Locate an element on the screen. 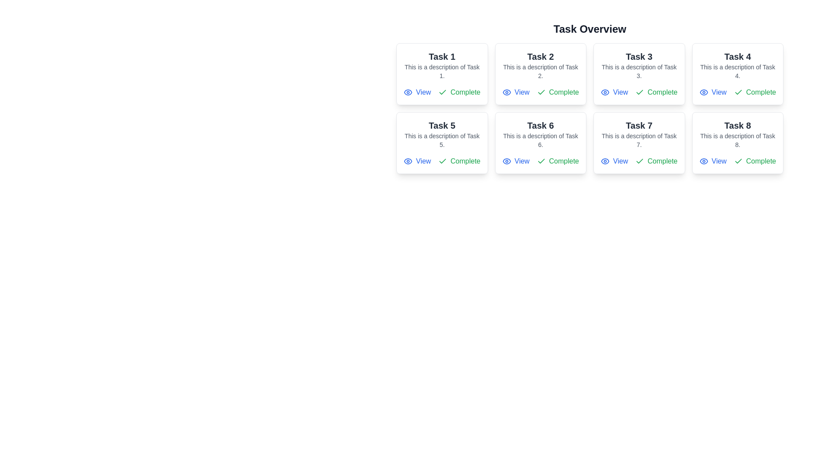 The height and width of the screenshot is (471, 839). the button associated with 'Task 1' located in the top-left position of the visible grid layout is located at coordinates (417, 92).